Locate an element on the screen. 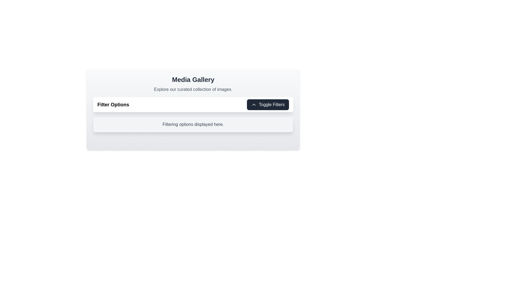  the upward-pointing chevron icon located to the left of the 'Toggle Filters' text within the button in the top-right corner of the 'Media Gallery' area is located at coordinates (253, 104).